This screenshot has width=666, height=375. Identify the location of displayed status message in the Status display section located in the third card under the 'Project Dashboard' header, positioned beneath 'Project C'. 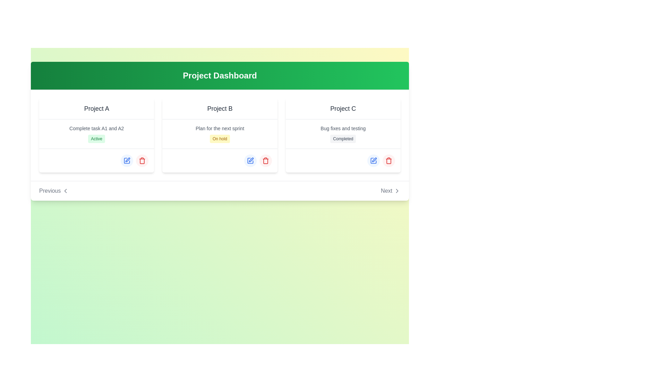
(343, 134).